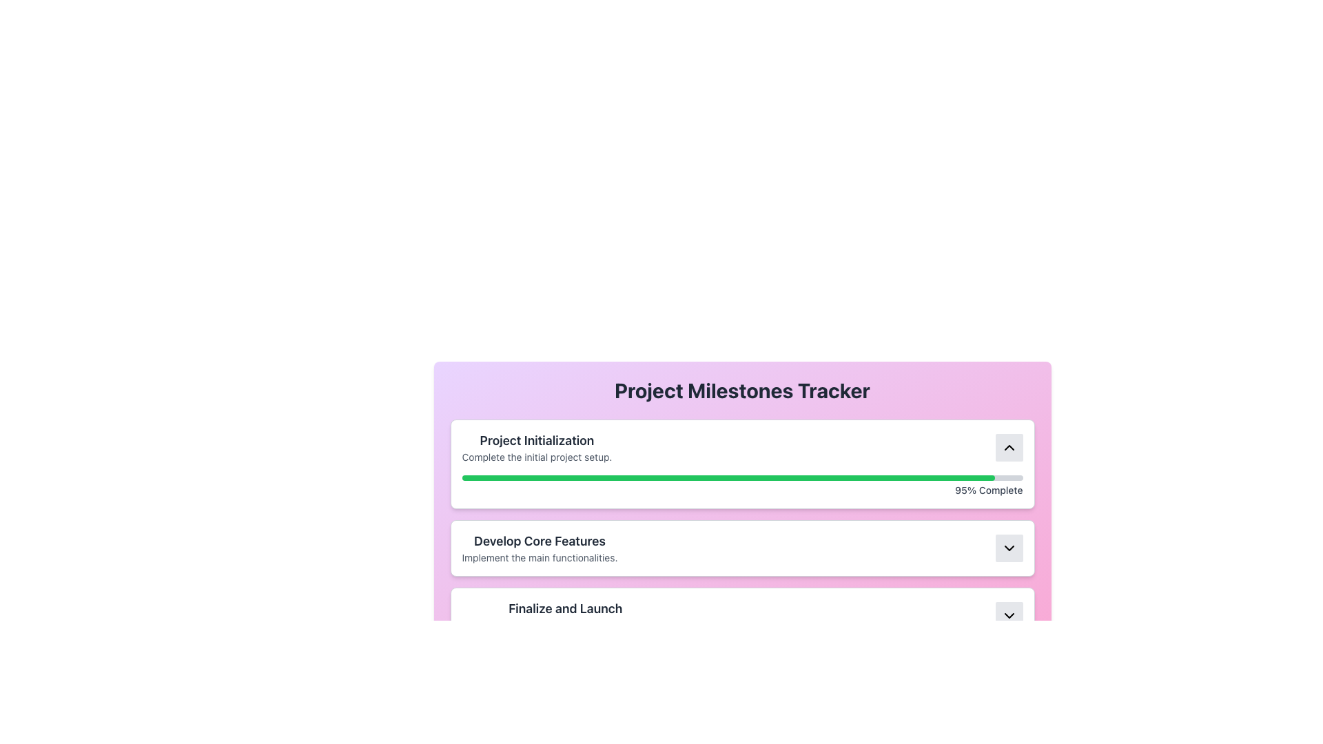 Image resolution: width=1323 pixels, height=744 pixels. What do you see at coordinates (1009, 547) in the screenshot?
I see `the dropdown toggle icon located at the top-right corner of the second milestone card` at bounding box center [1009, 547].